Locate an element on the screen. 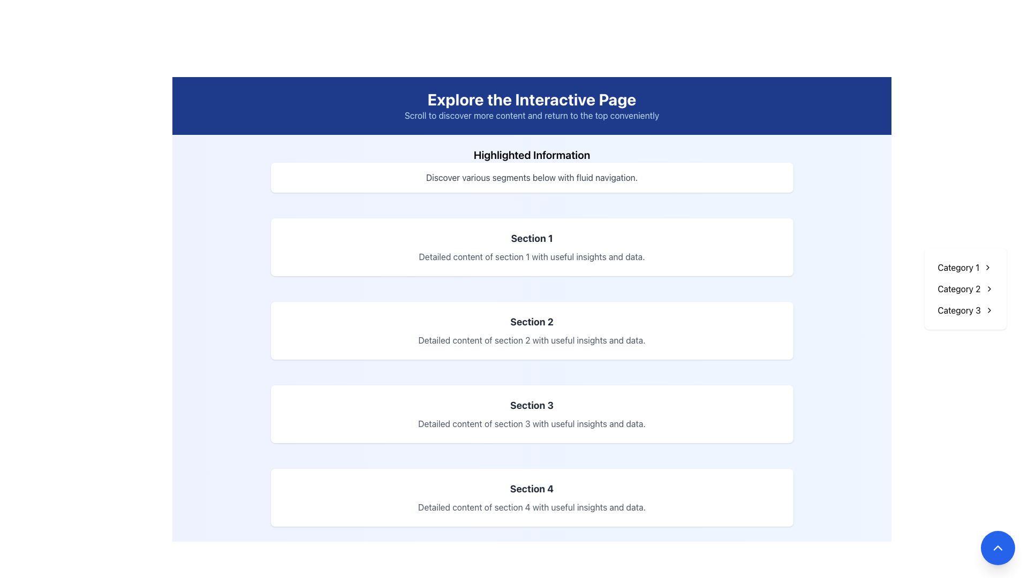  text of the header label located directly below the header bar, which serves as a title for the subsequent content is located at coordinates (532, 155).